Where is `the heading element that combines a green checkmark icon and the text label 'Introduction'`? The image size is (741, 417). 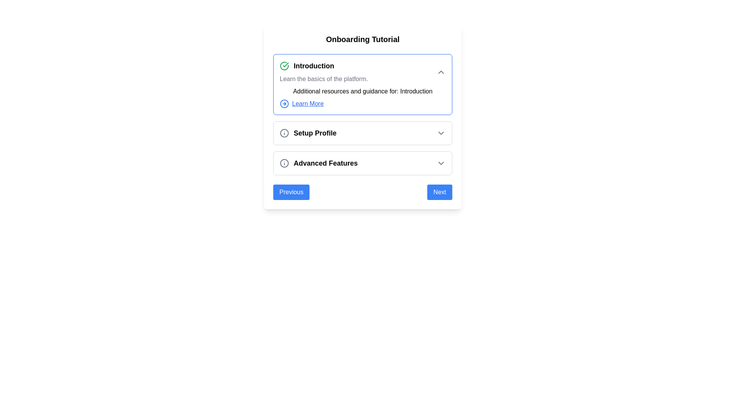
the heading element that combines a green checkmark icon and the text label 'Introduction' is located at coordinates (324, 65).